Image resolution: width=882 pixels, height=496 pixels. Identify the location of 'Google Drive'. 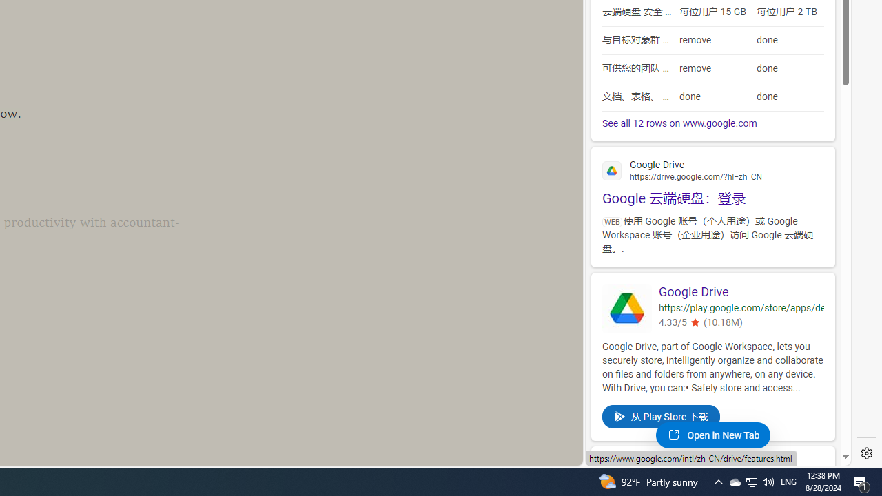
(740, 291).